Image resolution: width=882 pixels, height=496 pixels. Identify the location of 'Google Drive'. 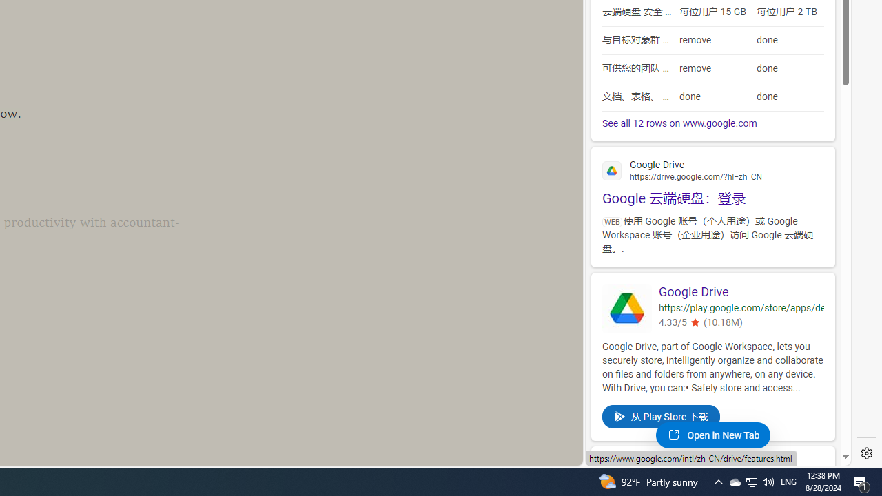
(740, 291).